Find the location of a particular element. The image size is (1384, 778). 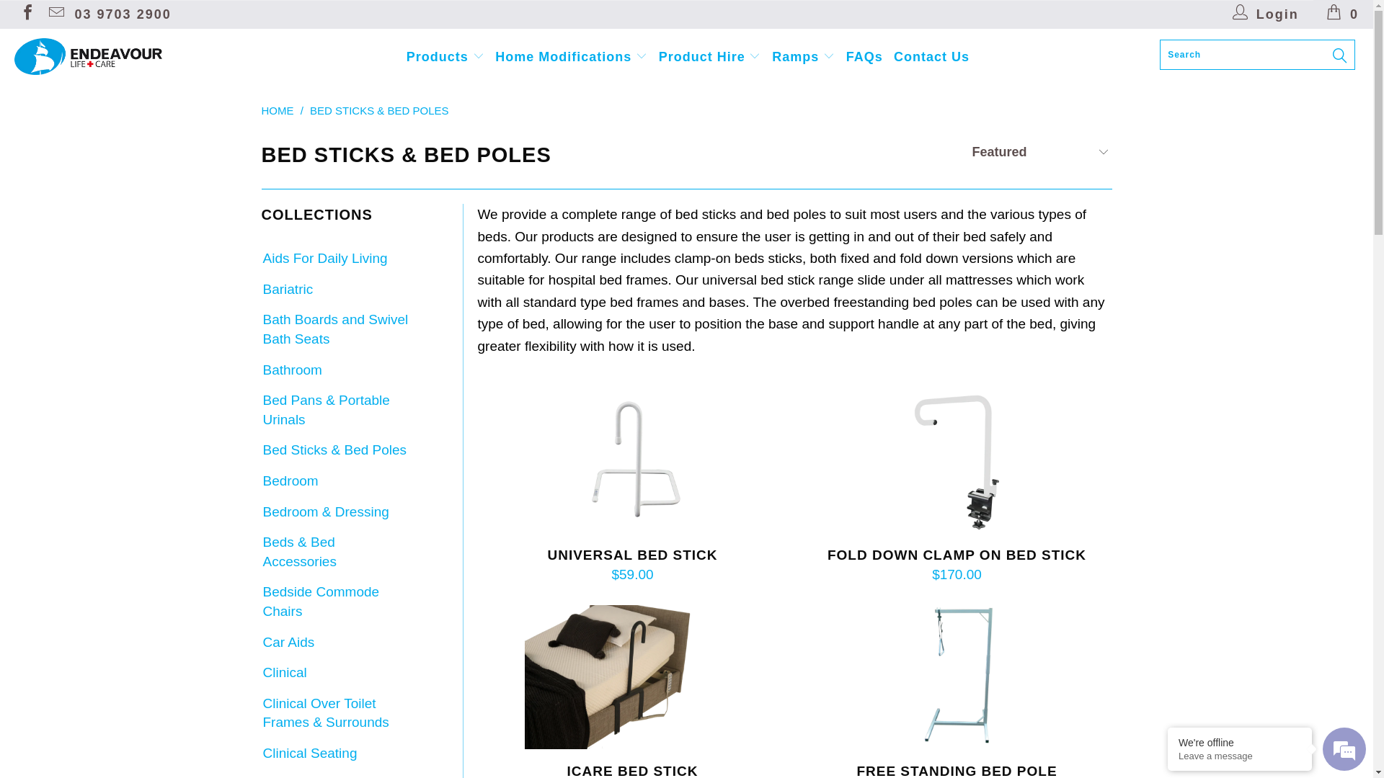

'Bath Boards and Swivel Bath Seats' is located at coordinates (334, 329).